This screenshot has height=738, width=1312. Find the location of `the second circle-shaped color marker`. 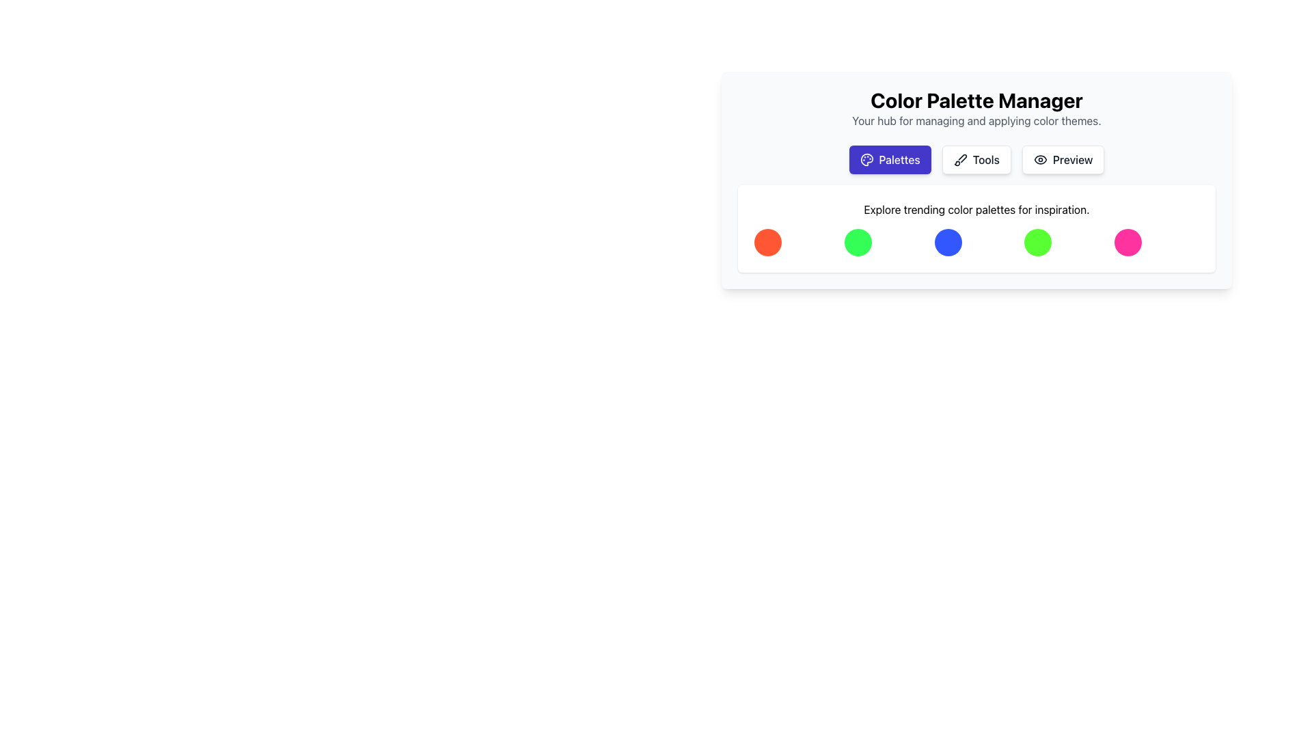

the second circle-shaped color marker is located at coordinates (857, 241).